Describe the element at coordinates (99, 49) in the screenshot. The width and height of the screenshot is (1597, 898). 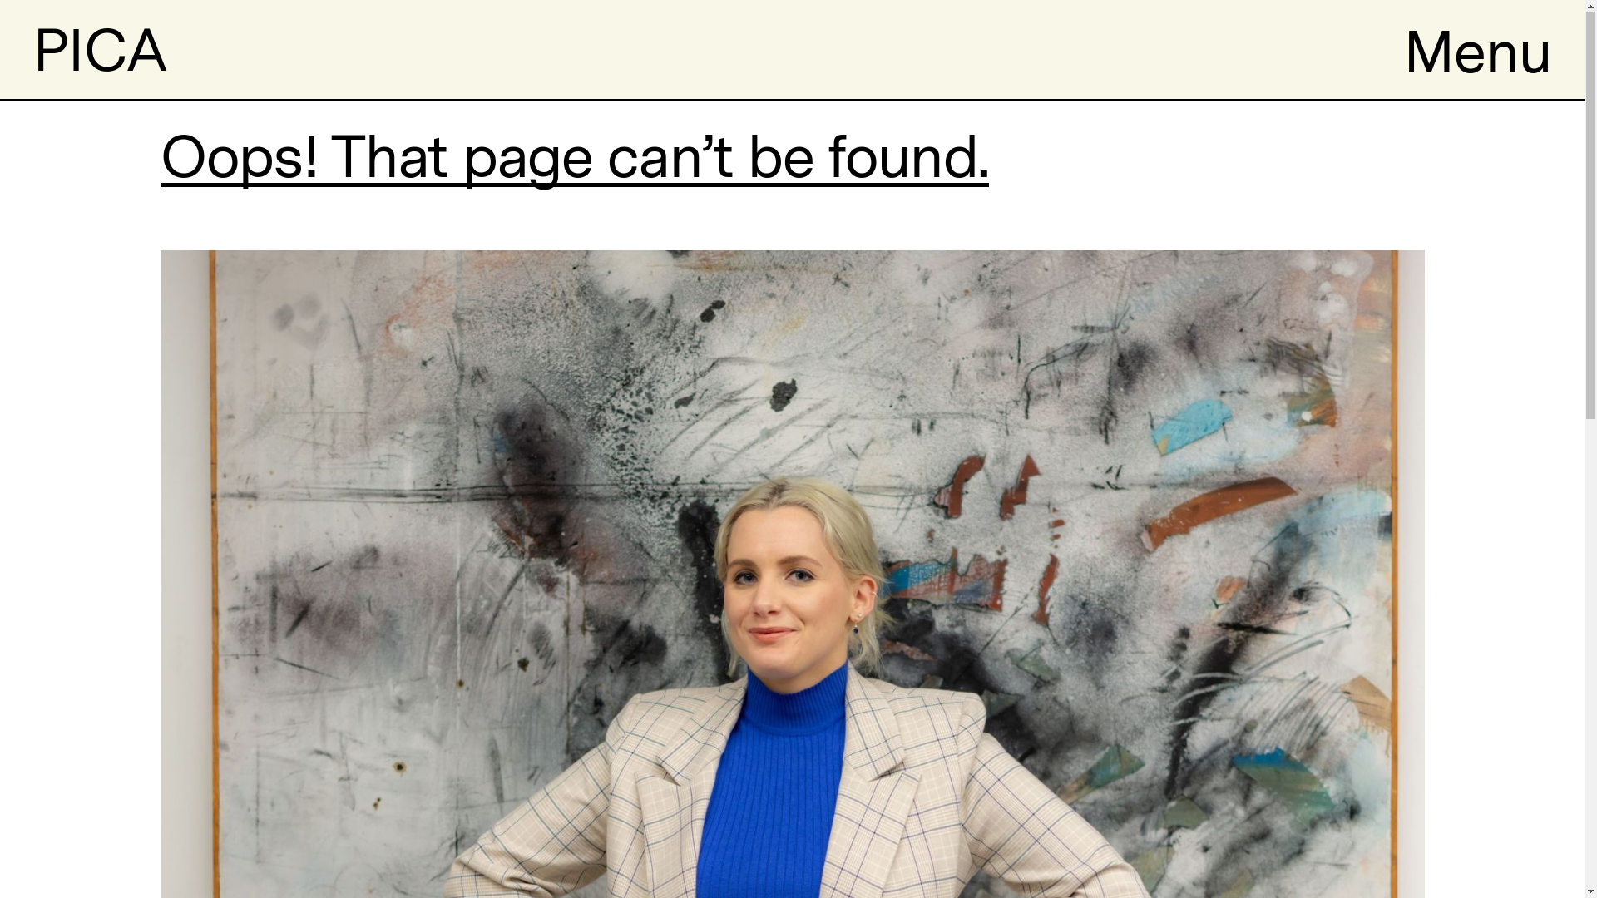
I see `'PICA'` at that location.